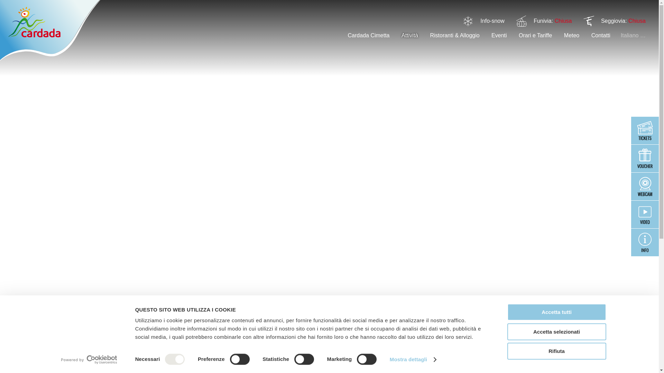 This screenshot has height=373, width=664. Describe the element at coordinates (556, 351) in the screenshot. I see `'Rifiuta'` at that location.